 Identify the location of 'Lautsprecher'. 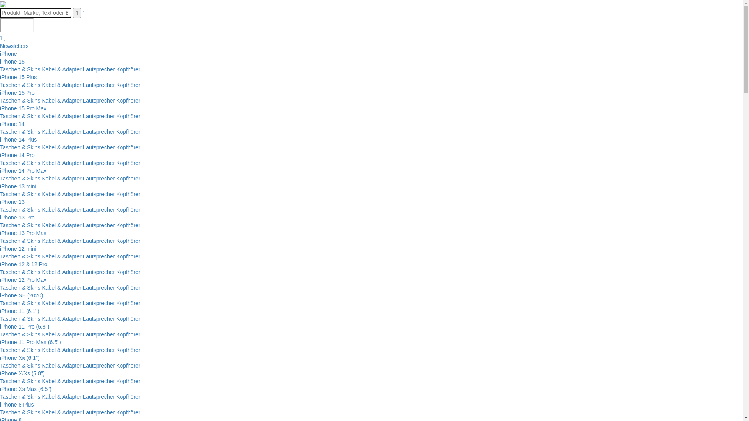
(98, 85).